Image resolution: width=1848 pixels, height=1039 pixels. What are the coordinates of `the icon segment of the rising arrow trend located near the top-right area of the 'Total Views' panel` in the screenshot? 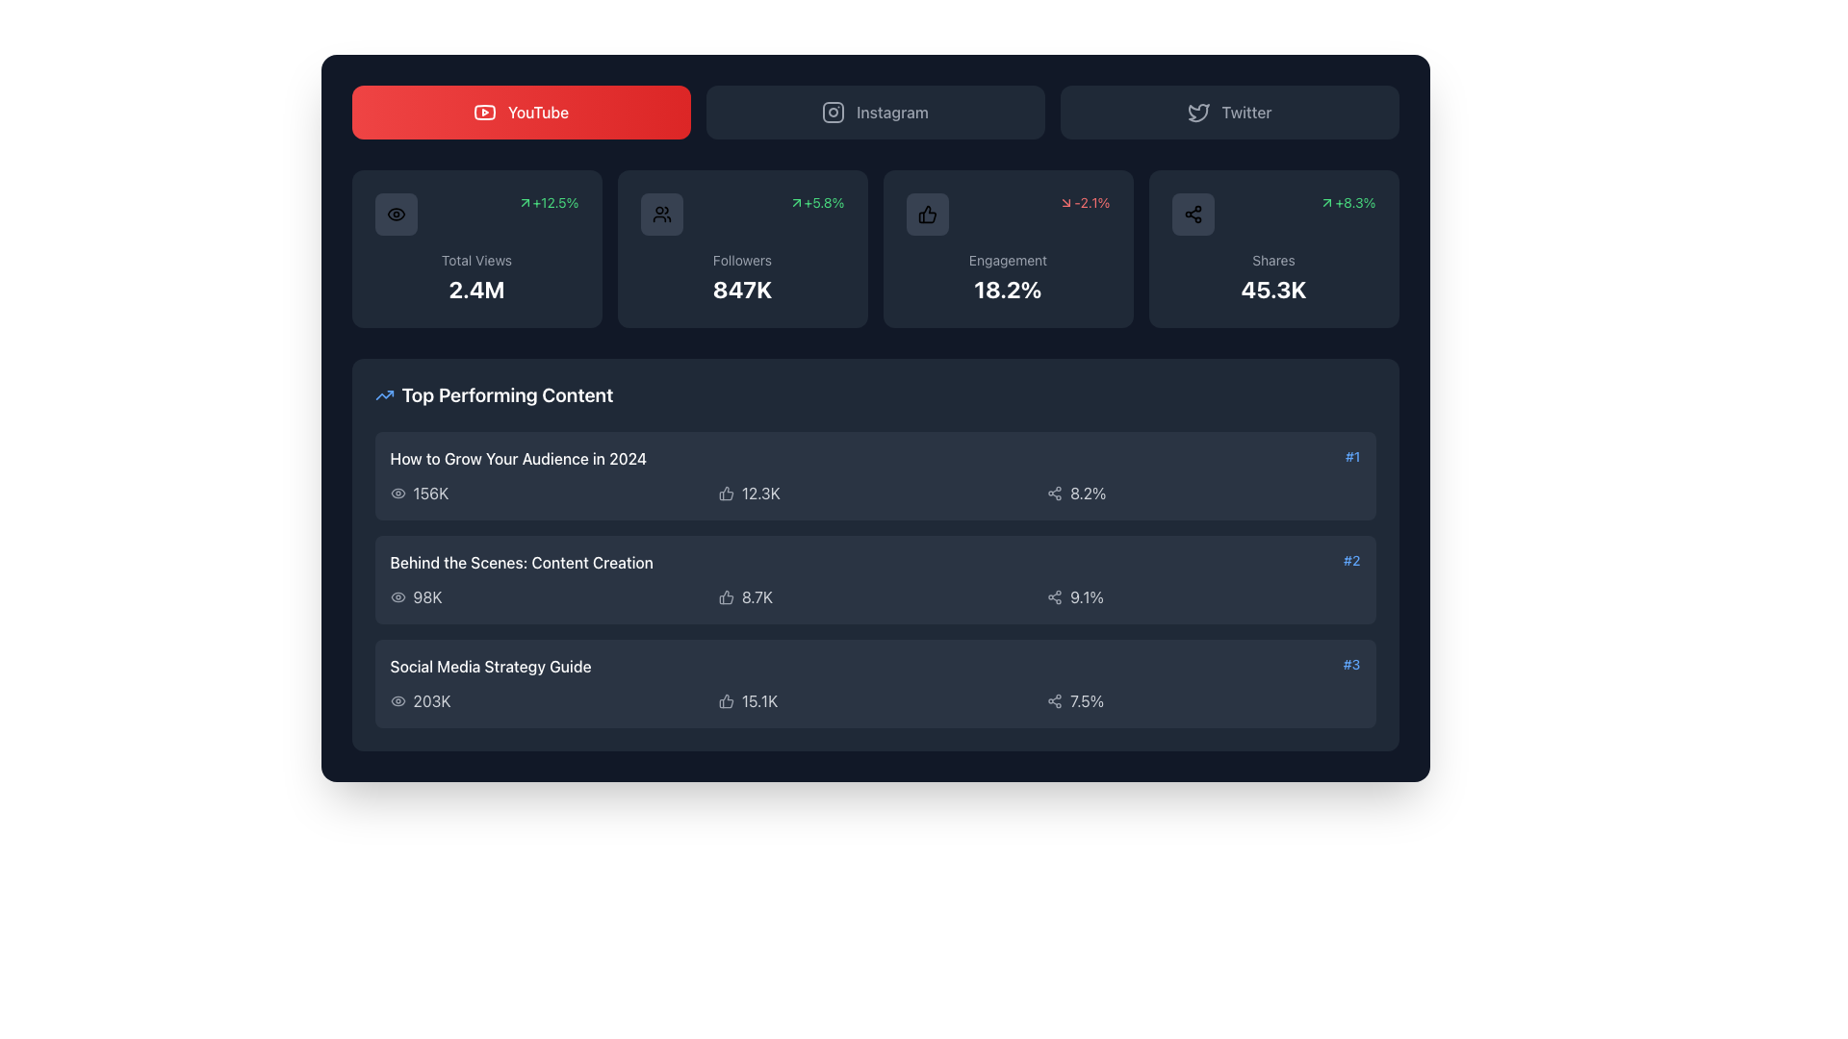 It's located at (384, 394).